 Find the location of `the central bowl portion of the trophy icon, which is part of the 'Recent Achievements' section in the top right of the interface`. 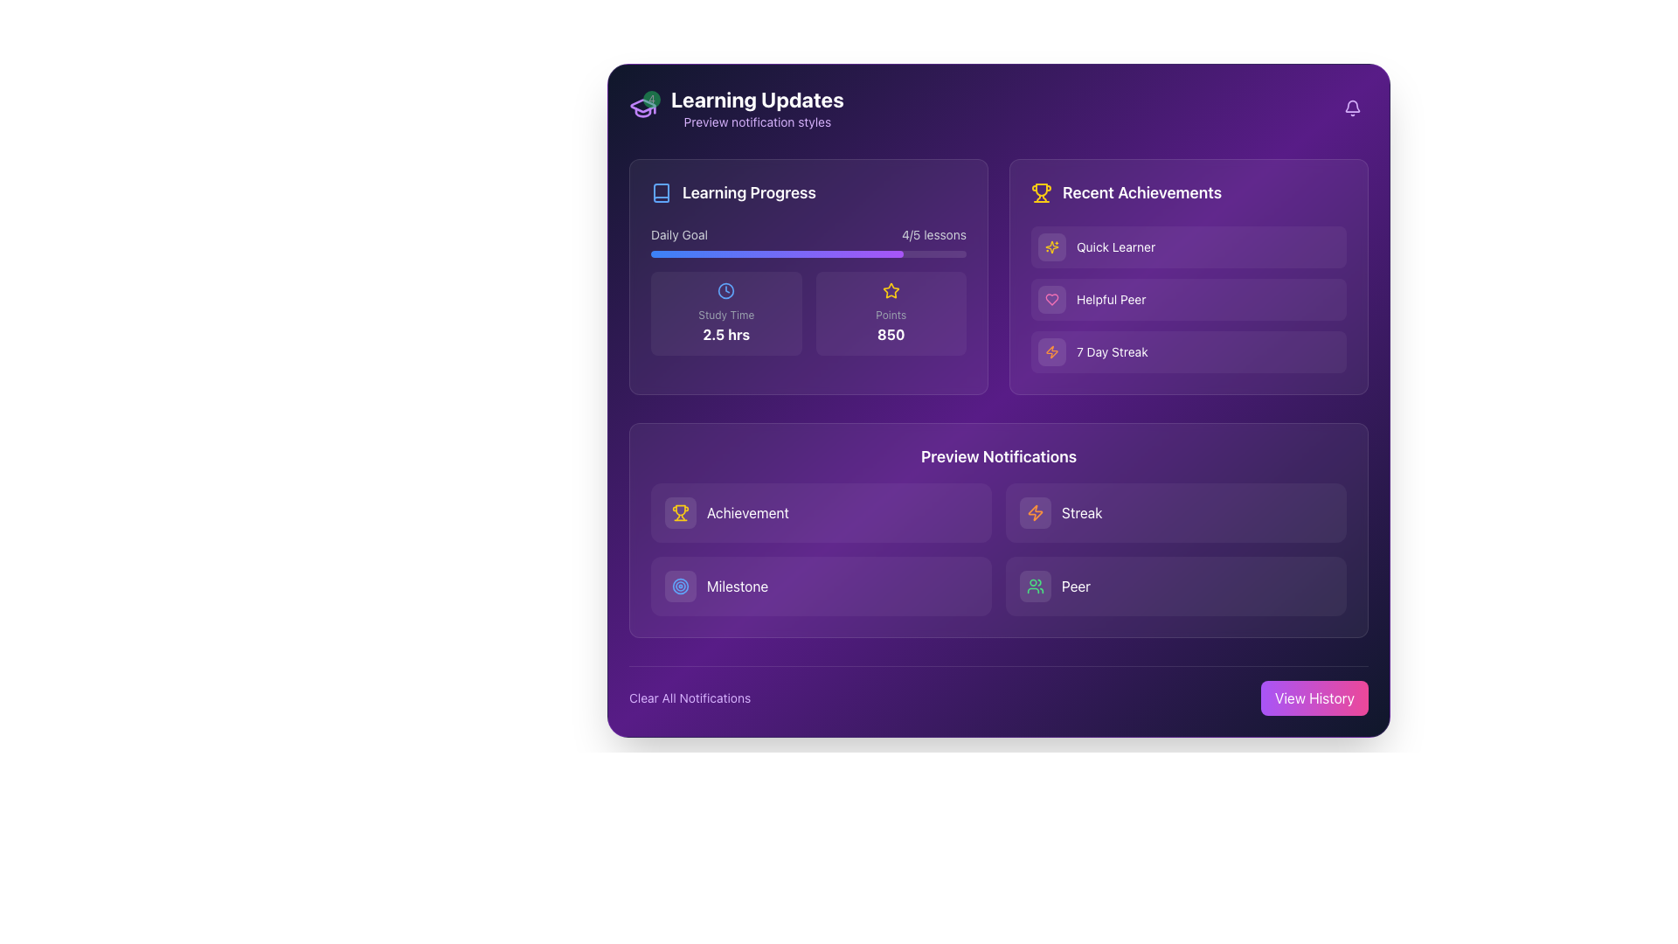

the central bowl portion of the trophy icon, which is part of the 'Recent Achievements' section in the top right of the interface is located at coordinates (1041, 190).